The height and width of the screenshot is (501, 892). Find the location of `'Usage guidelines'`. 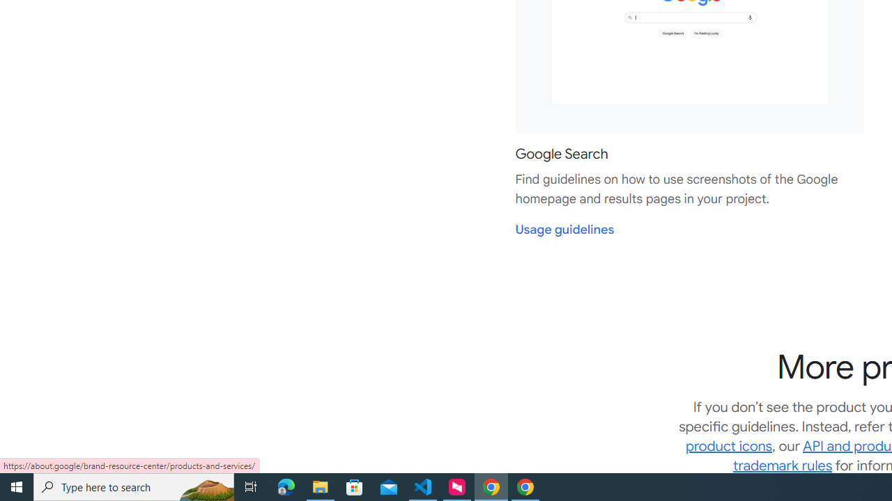

'Usage guidelines' is located at coordinates (564, 229).